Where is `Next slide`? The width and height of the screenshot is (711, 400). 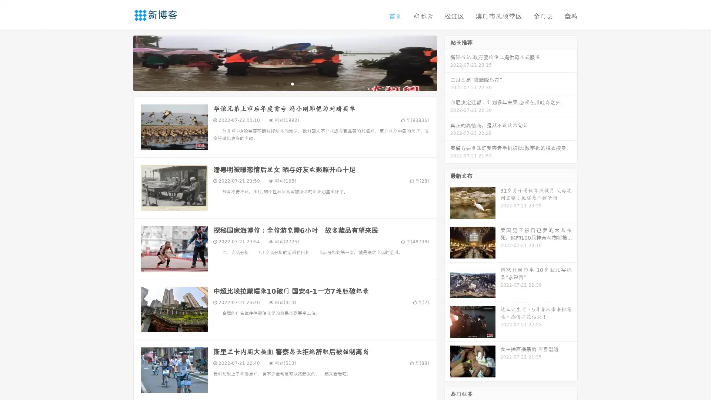 Next slide is located at coordinates (447, 62).